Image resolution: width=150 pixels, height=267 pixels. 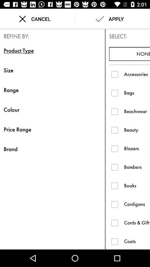 I want to click on the category, so click(x=114, y=223).